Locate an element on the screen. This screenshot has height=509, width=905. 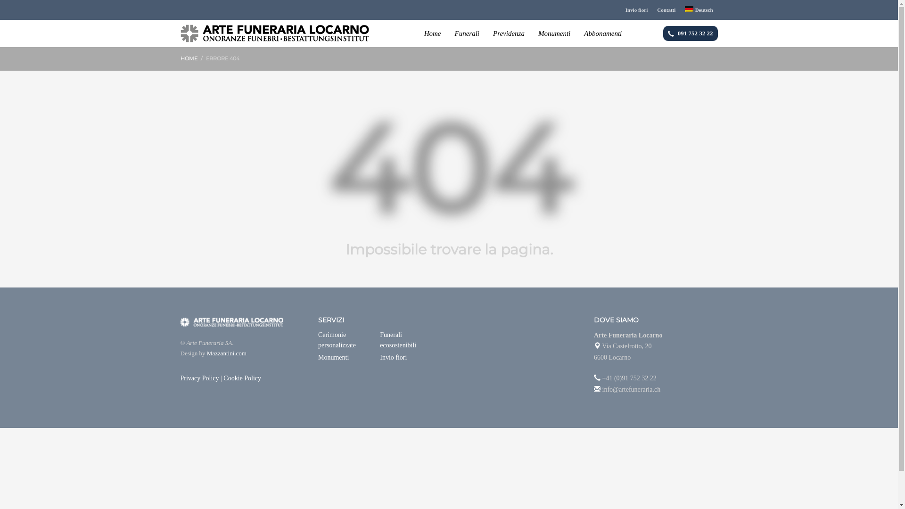
'Cookie Policy' is located at coordinates (242, 378).